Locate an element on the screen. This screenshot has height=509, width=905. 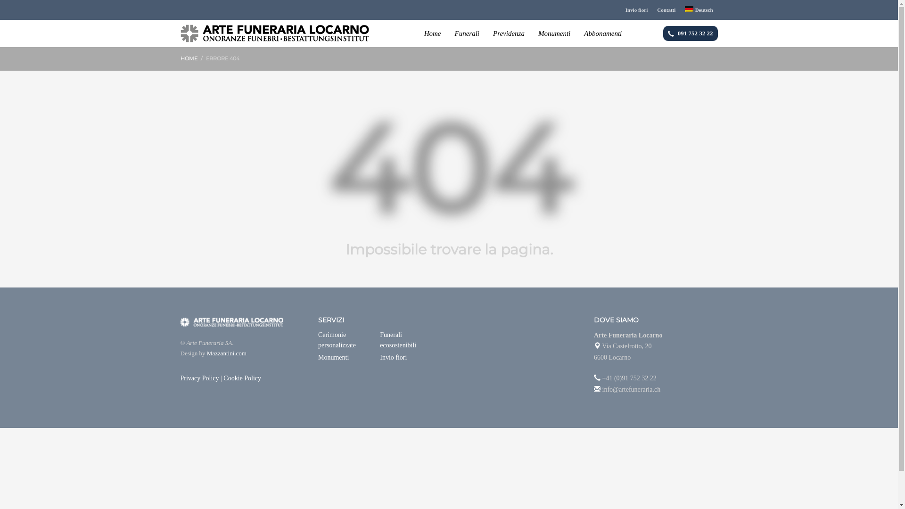
'Cookie Policy' is located at coordinates (242, 378).